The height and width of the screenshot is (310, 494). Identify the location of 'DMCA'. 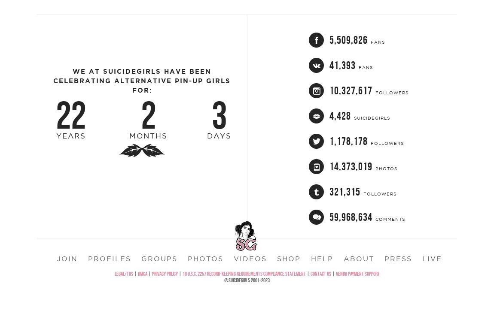
(142, 294).